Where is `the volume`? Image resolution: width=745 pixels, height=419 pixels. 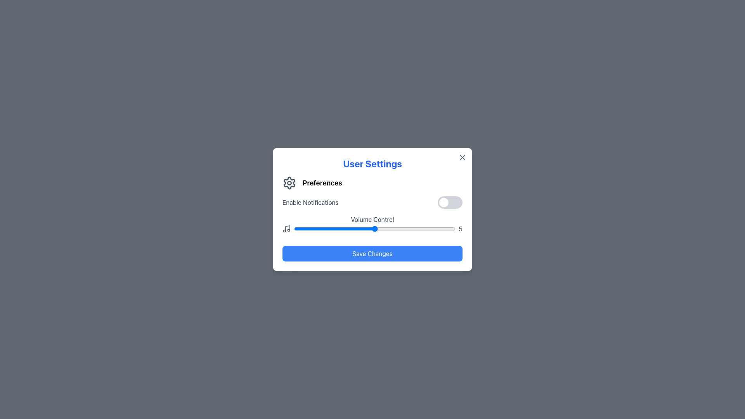 the volume is located at coordinates (358, 229).